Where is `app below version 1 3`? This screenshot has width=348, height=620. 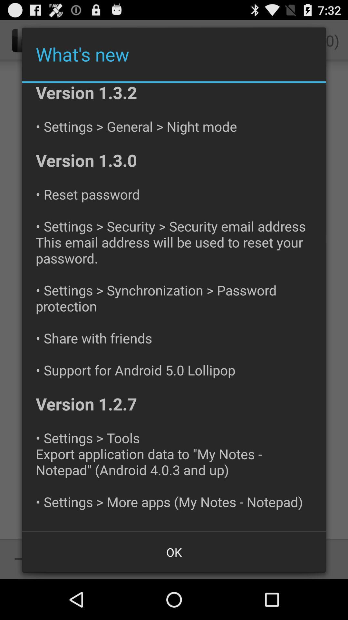 app below version 1 3 is located at coordinates (174, 552).